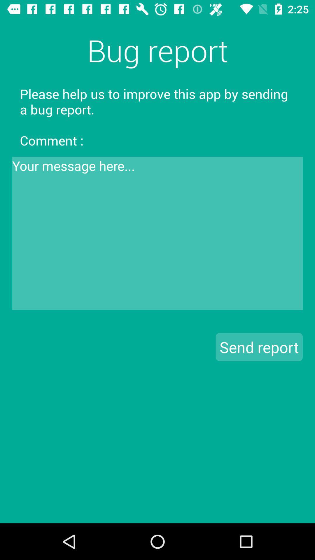 The height and width of the screenshot is (560, 315). What do you see at coordinates (259, 347) in the screenshot?
I see `send report item` at bounding box center [259, 347].